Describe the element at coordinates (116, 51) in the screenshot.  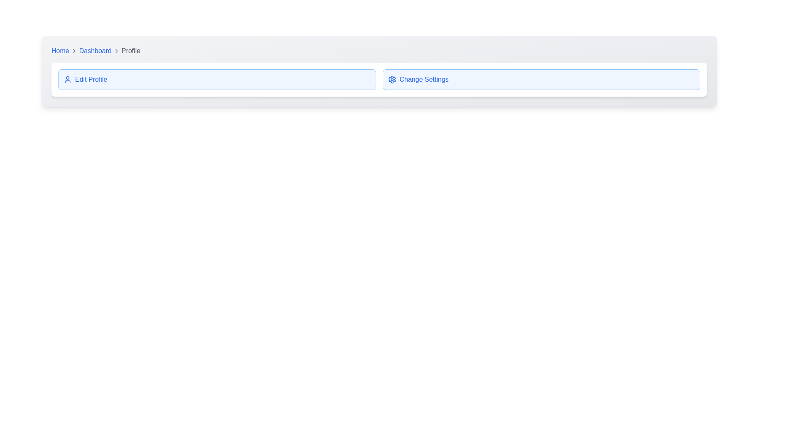
I see `the breadcrumb navigation icon located immediately to the right of the 'Dashboard' text` at that location.